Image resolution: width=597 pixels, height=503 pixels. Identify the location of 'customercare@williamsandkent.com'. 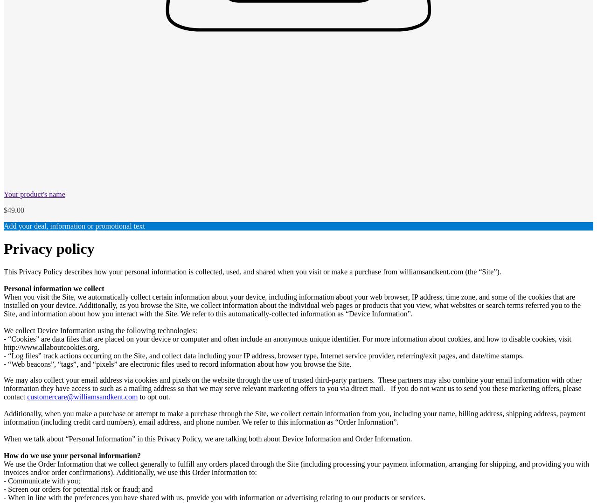
(27, 396).